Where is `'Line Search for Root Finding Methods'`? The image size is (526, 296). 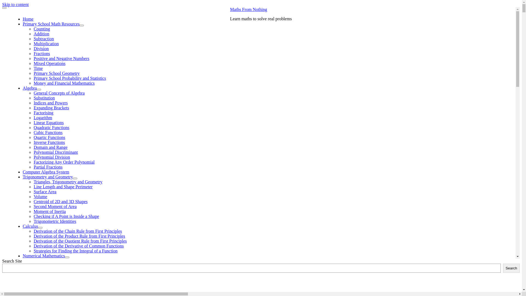 'Line Search for Root Finding Methods' is located at coordinates (78, 275).